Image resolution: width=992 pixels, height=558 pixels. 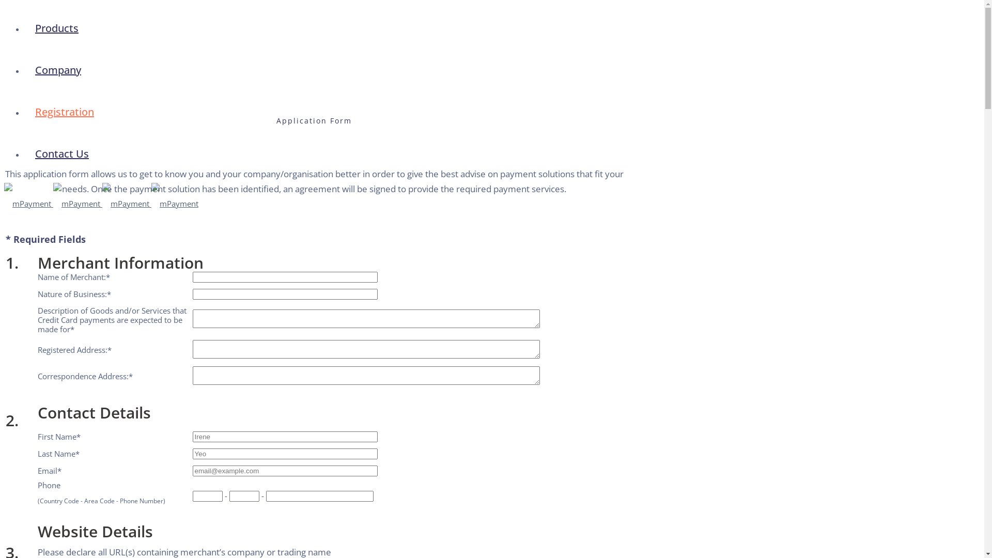 I want to click on 'Registration', so click(x=64, y=112).